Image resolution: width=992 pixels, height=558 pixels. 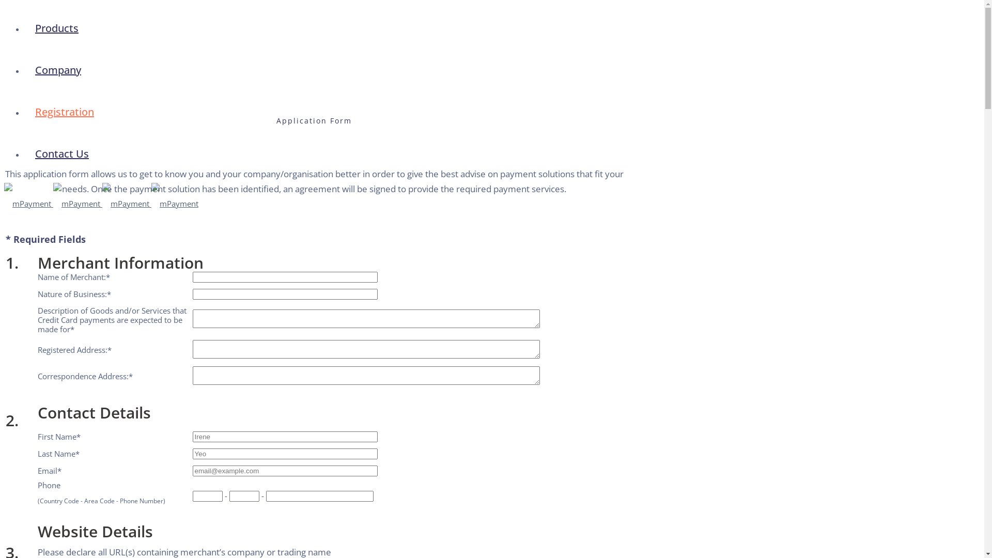 I want to click on 'Registration', so click(x=64, y=112).